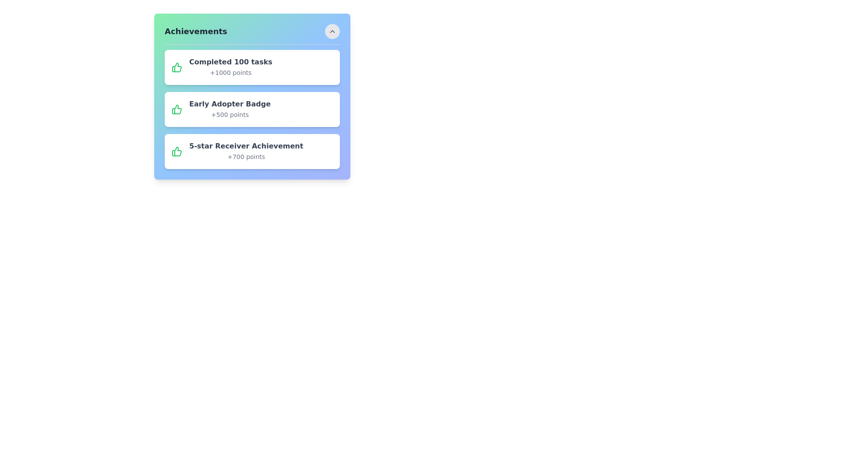  Describe the element at coordinates (176, 151) in the screenshot. I see `the second thumbs-up icon in the achievements panel, which represents the 'Early Adopter Badge.'` at that location.